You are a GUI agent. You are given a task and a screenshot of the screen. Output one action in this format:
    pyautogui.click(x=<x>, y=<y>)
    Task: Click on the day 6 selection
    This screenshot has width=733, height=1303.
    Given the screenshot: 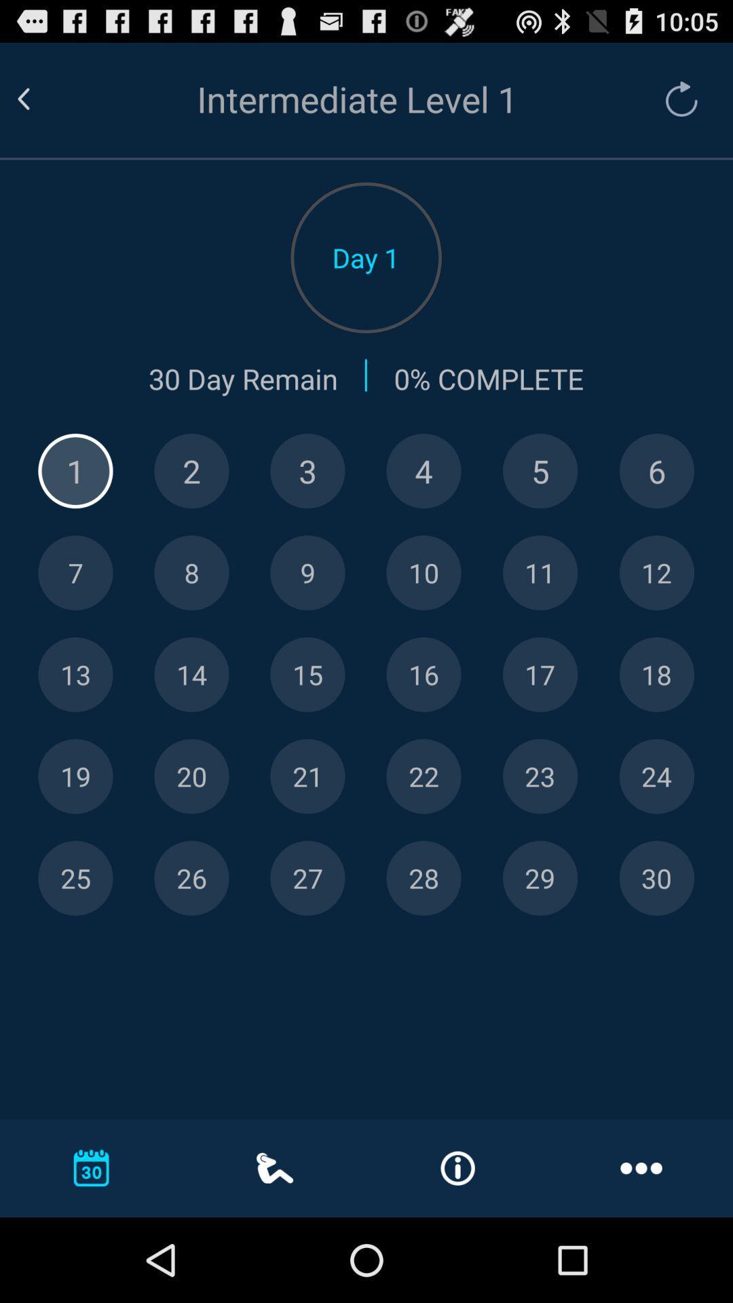 What is the action you would take?
    pyautogui.click(x=656, y=471)
    